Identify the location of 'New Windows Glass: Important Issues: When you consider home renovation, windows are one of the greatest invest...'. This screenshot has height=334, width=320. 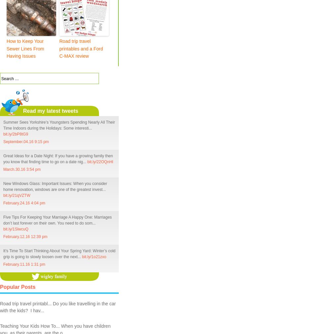
(55, 186).